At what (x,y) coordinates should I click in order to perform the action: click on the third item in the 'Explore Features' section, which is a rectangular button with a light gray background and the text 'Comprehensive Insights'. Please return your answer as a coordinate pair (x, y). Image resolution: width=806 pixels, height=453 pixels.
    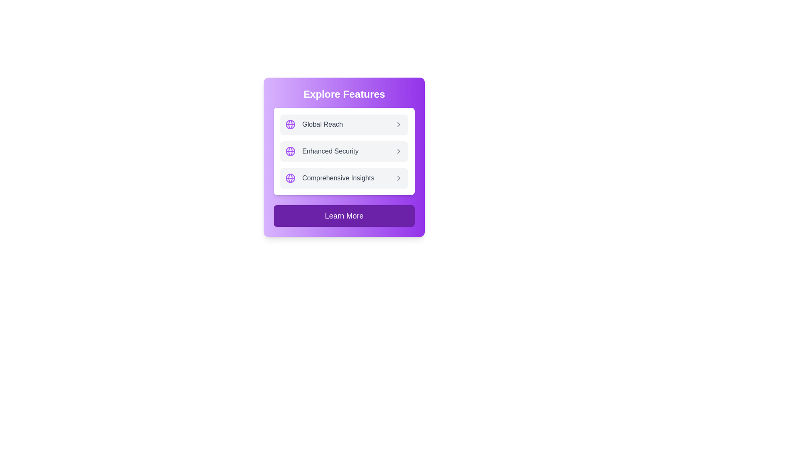
    Looking at the image, I should click on (344, 177).